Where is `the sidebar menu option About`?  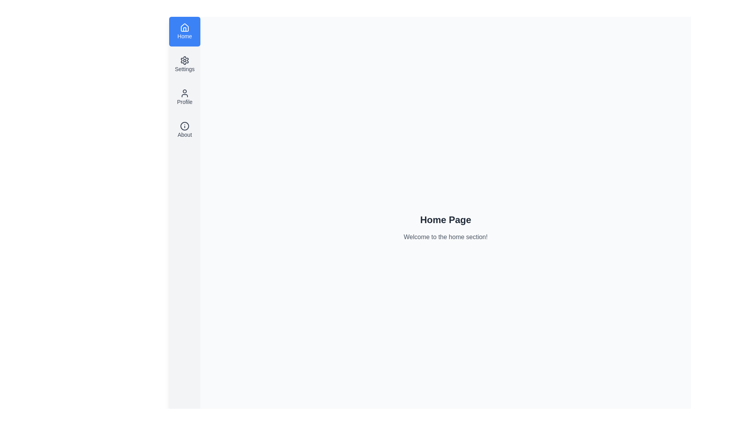
the sidebar menu option About is located at coordinates (184, 129).